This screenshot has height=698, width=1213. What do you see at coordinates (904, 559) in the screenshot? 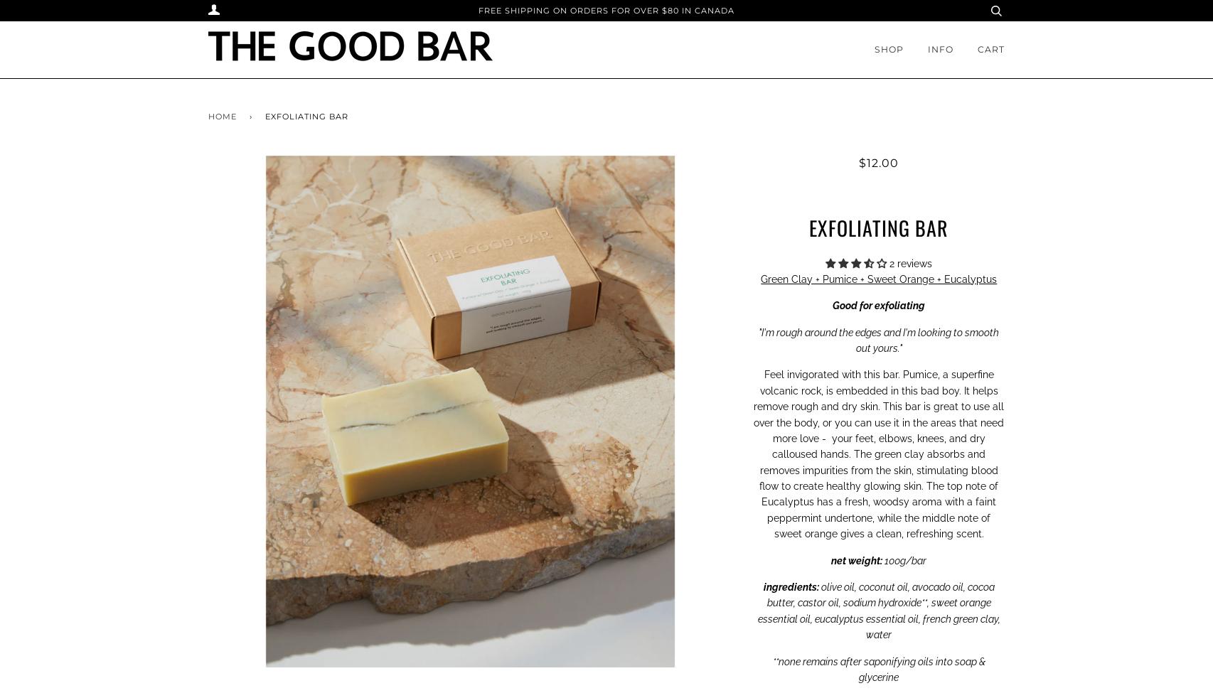
I see `'100g/bar'` at bounding box center [904, 559].